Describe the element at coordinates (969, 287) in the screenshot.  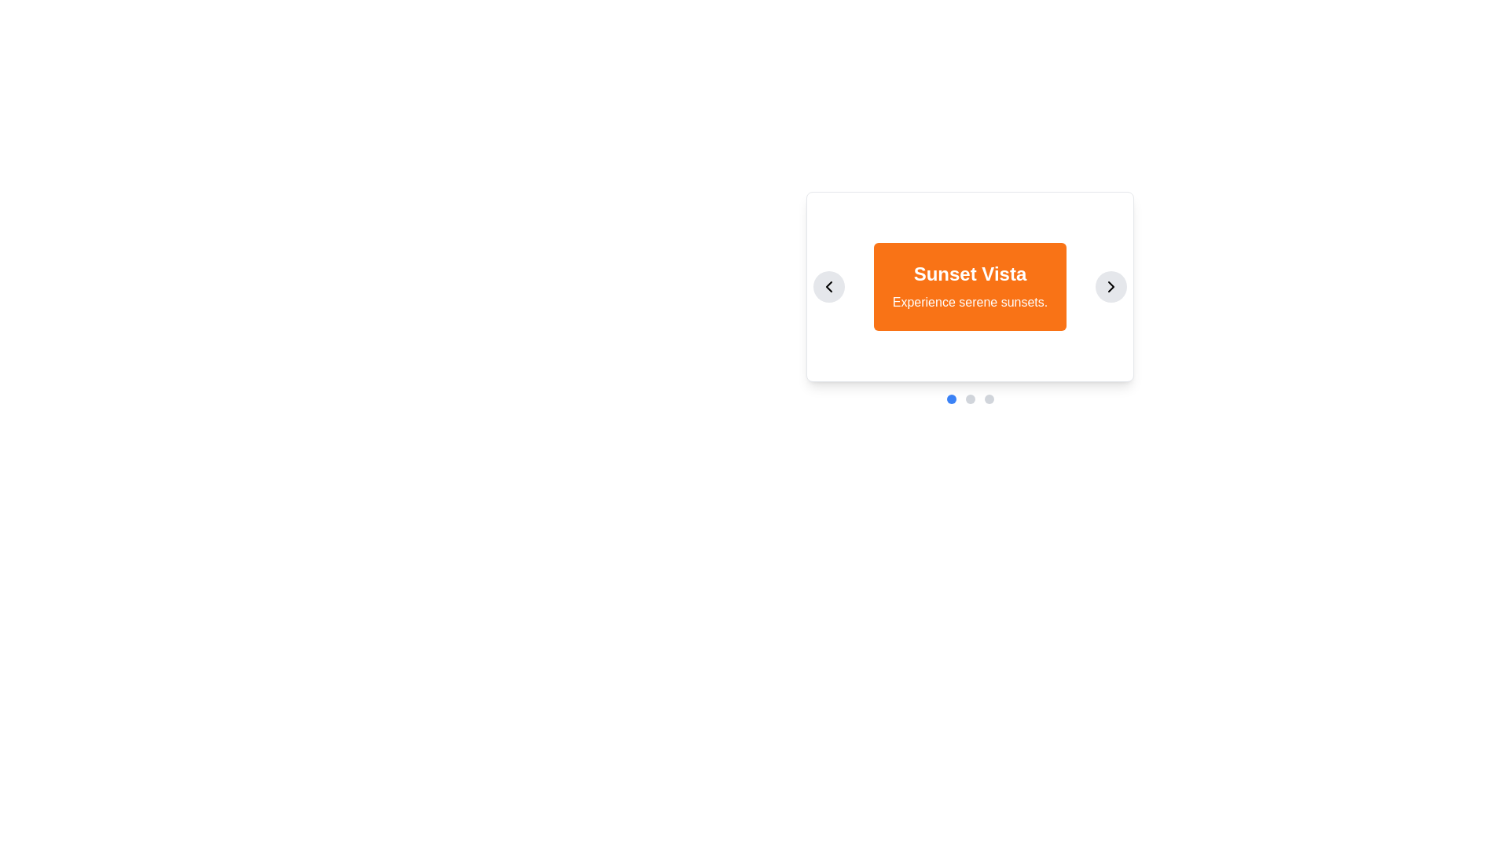
I see `the Informational card displaying information about 'Sunset Vista' within the carousel` at that location.